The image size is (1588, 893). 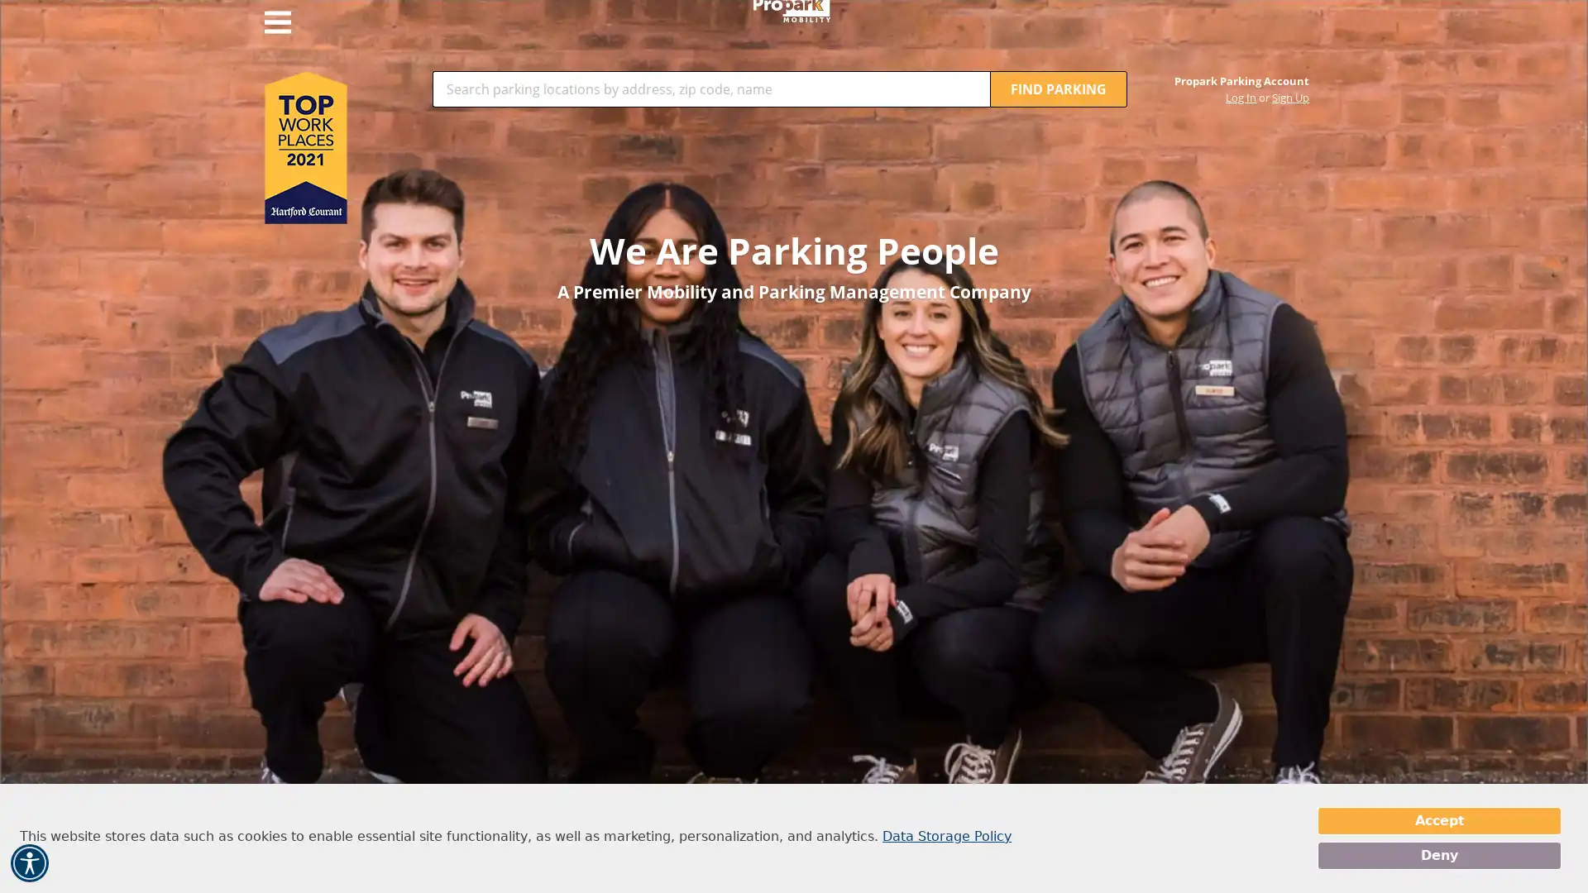 What do you see at coordinates (29, 862) in the screenshot?
I see `Accessibility Menu` at bounding box center [29, 862].